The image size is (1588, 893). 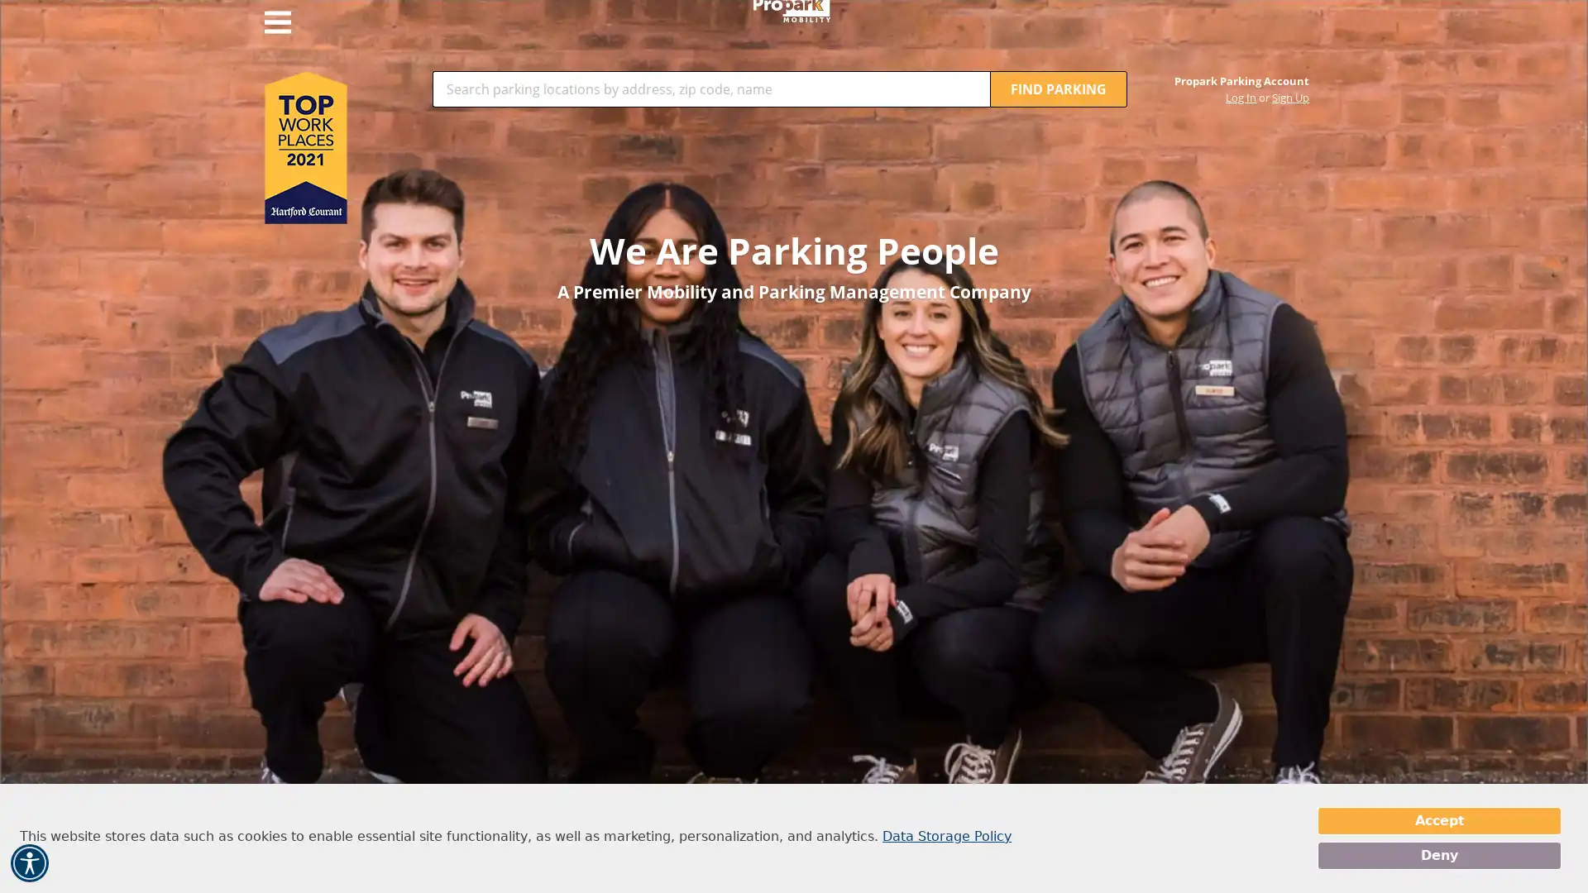 What do you see at coordinates (29, 862) in the screenshot?
I see `Accessibility Menu` at bounding box center [29, 862].